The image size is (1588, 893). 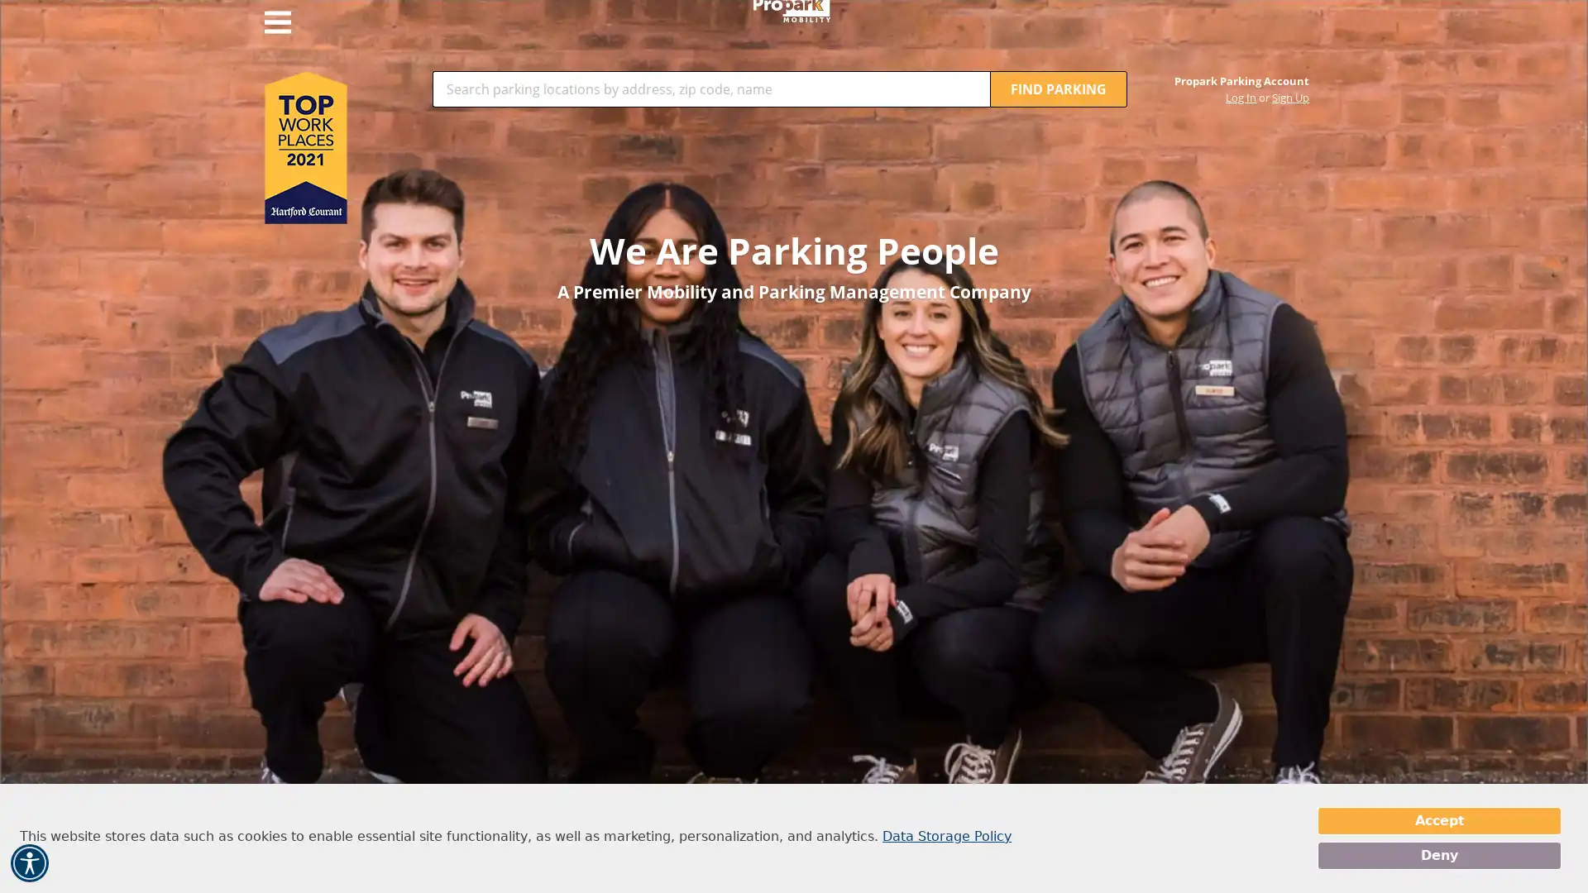 What do you see at coordinates (29, 862) in the screenshot?
I see `Accessibility Menu` at bounding box center [29, 862].